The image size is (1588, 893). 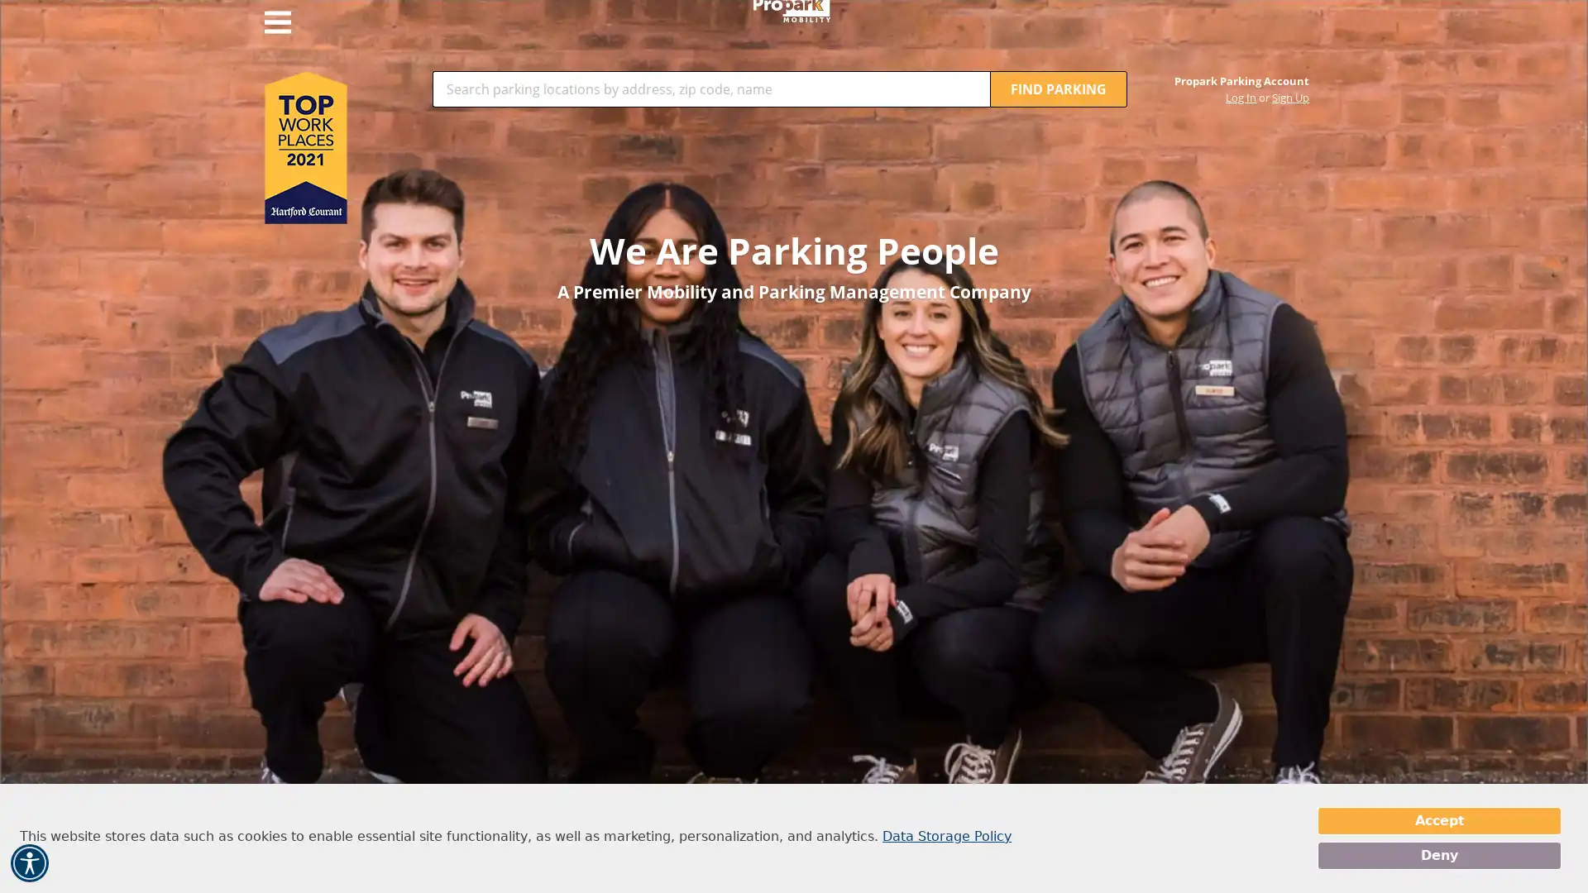 What do you see at coordinates (29, 862) in the screenshot?
I see `Accessibility Menu` at bounding box center [29, 862].